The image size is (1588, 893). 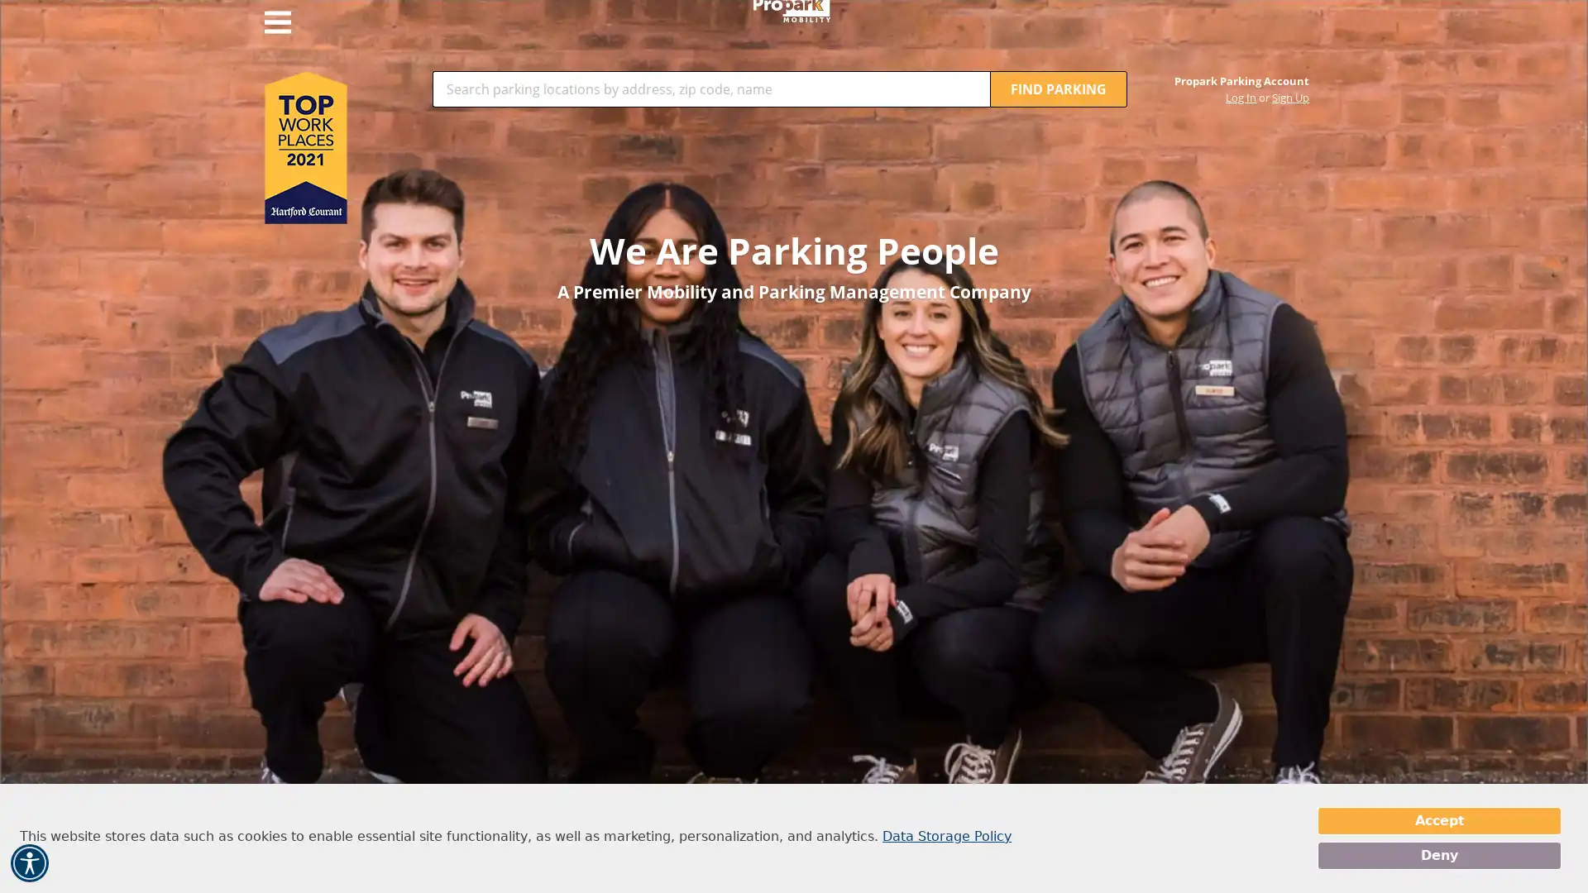 What do you see at coordinates (29, 862) in the screenshot?
I see `Accessibility Menu` at bounding box center [29, 862].